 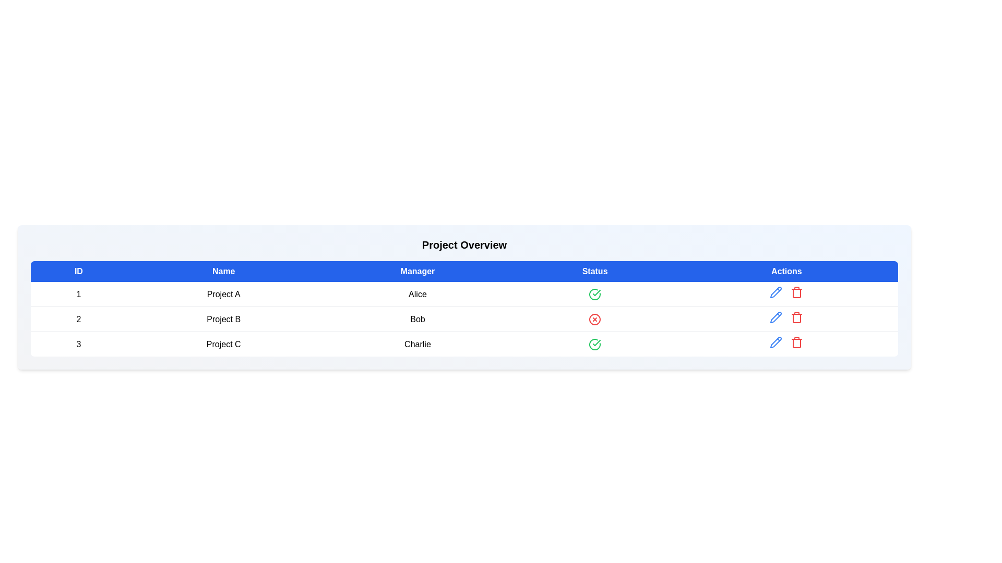 I want to click on the header cell indicating 'Manager' in the third column of the table, so click(x=417, y=271).